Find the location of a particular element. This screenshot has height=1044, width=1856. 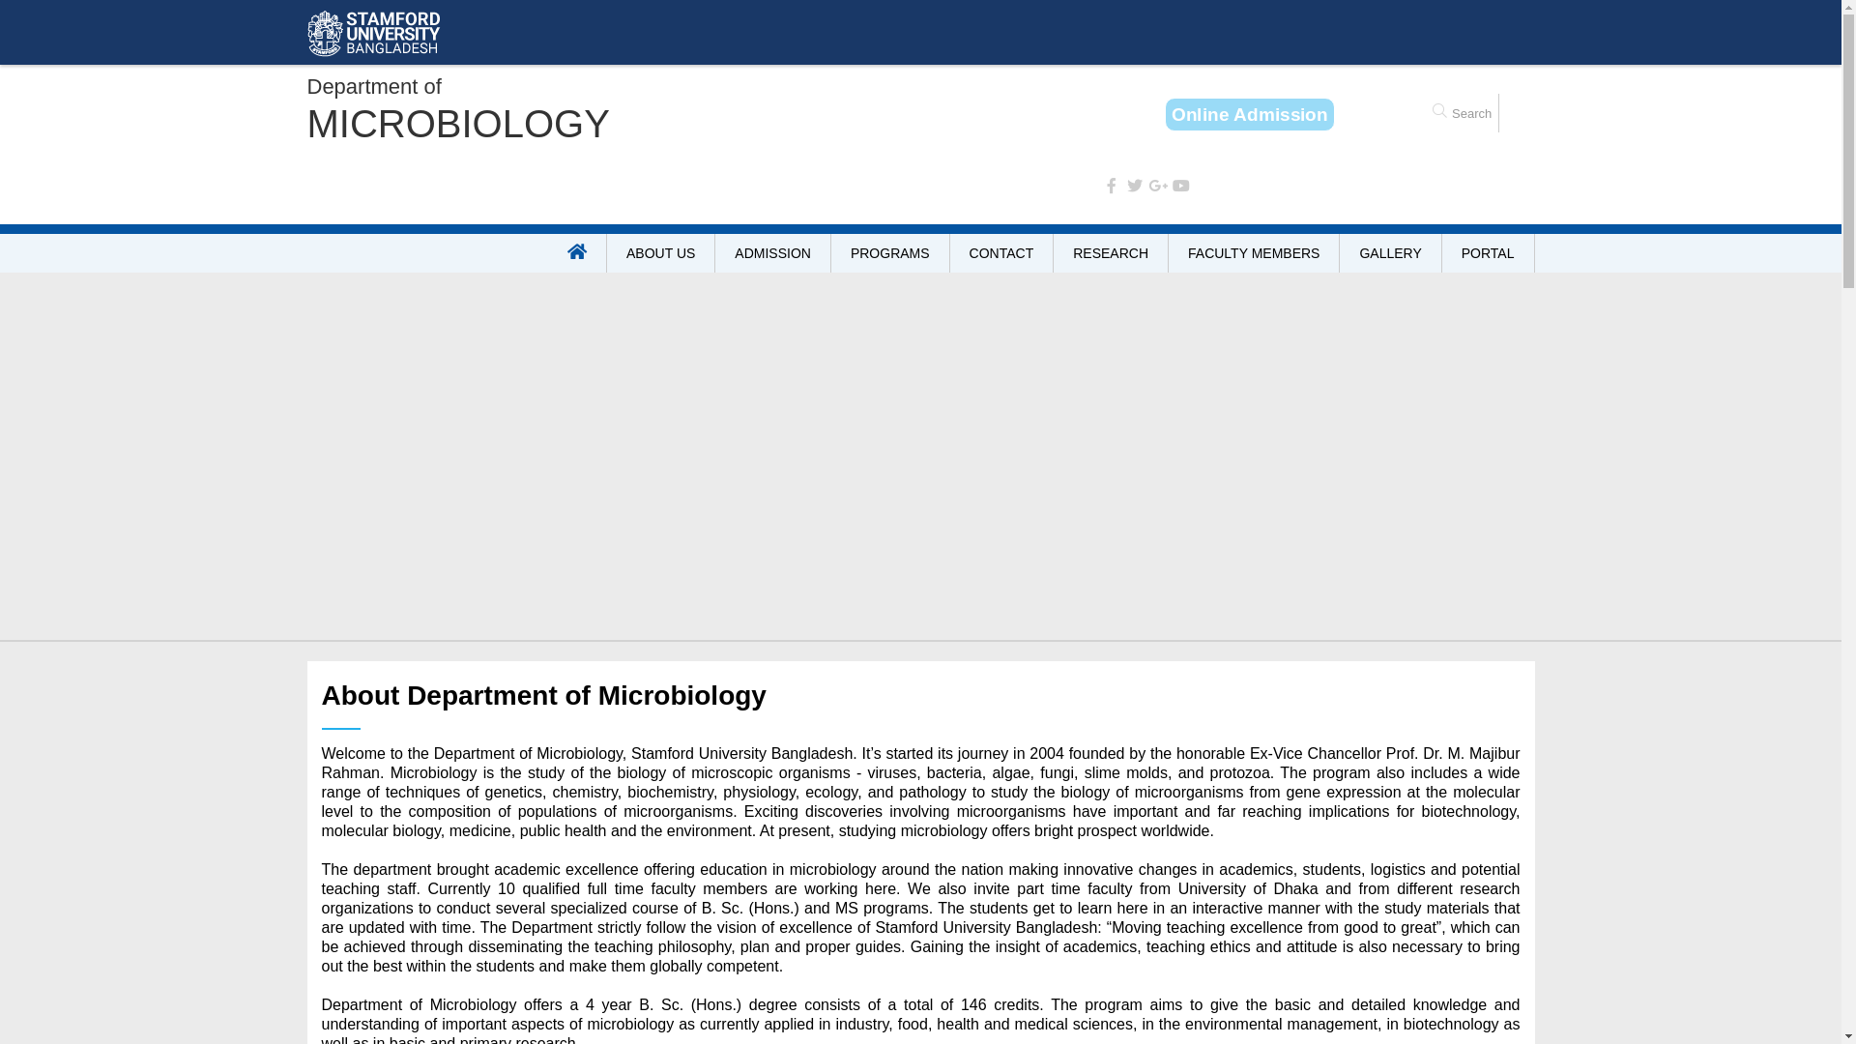

'Online' is located at coordinates (1249, 114).